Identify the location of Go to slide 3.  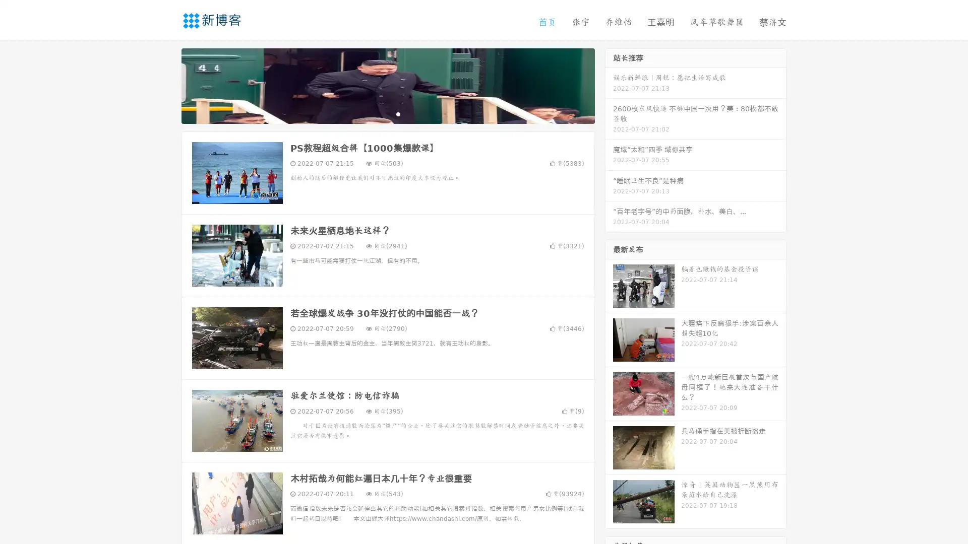
(398, 113).